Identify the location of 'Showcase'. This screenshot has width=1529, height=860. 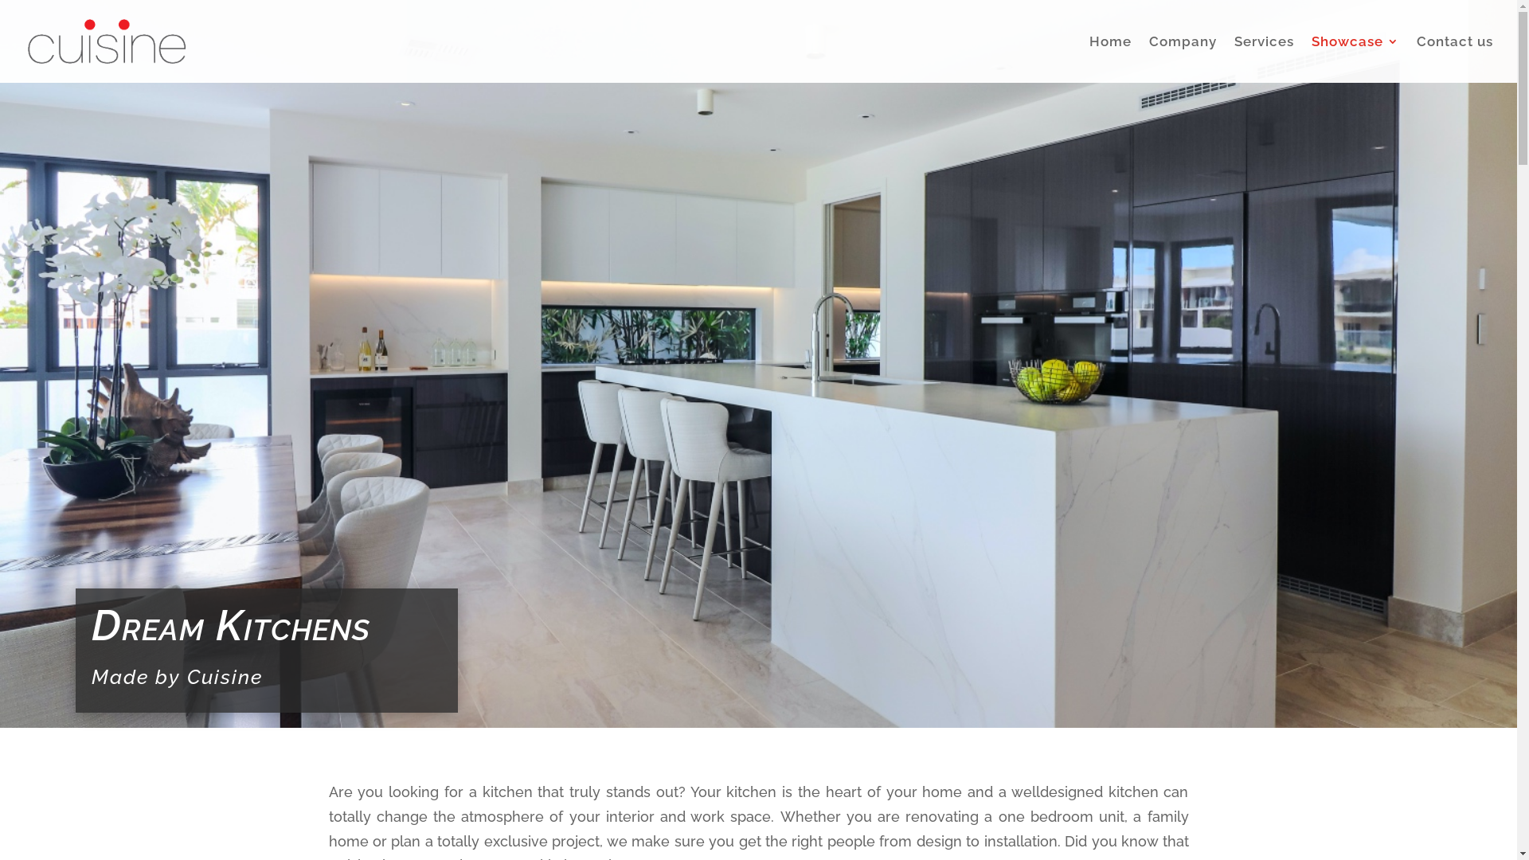
(1311, 58).